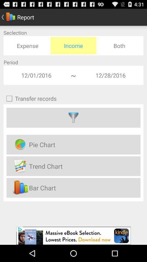 The width and height of the screenshot is (147, 262). Describe the element at coordinates (73, 236) in the screenshot. I see `advertisement banner` at that location.